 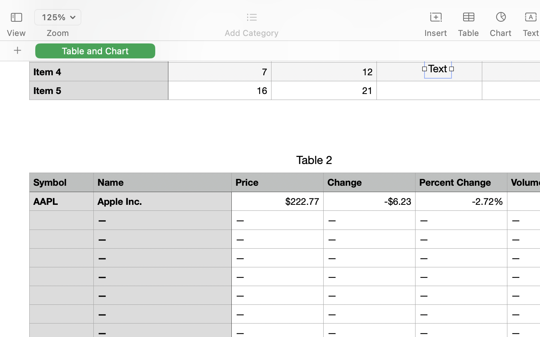 What do you see at coordinates (251, 33) in the screenshot?
I see `'Add Category'` at bounding box center [251, 33].